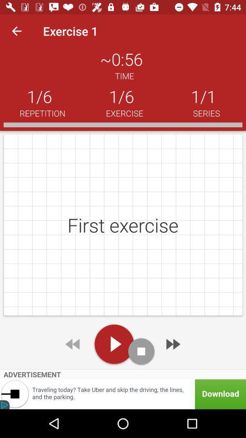 The image size is (246, 438). Describe the element at coordinates (123, 394) in the screenshot. I see `open advertisement` at that location.